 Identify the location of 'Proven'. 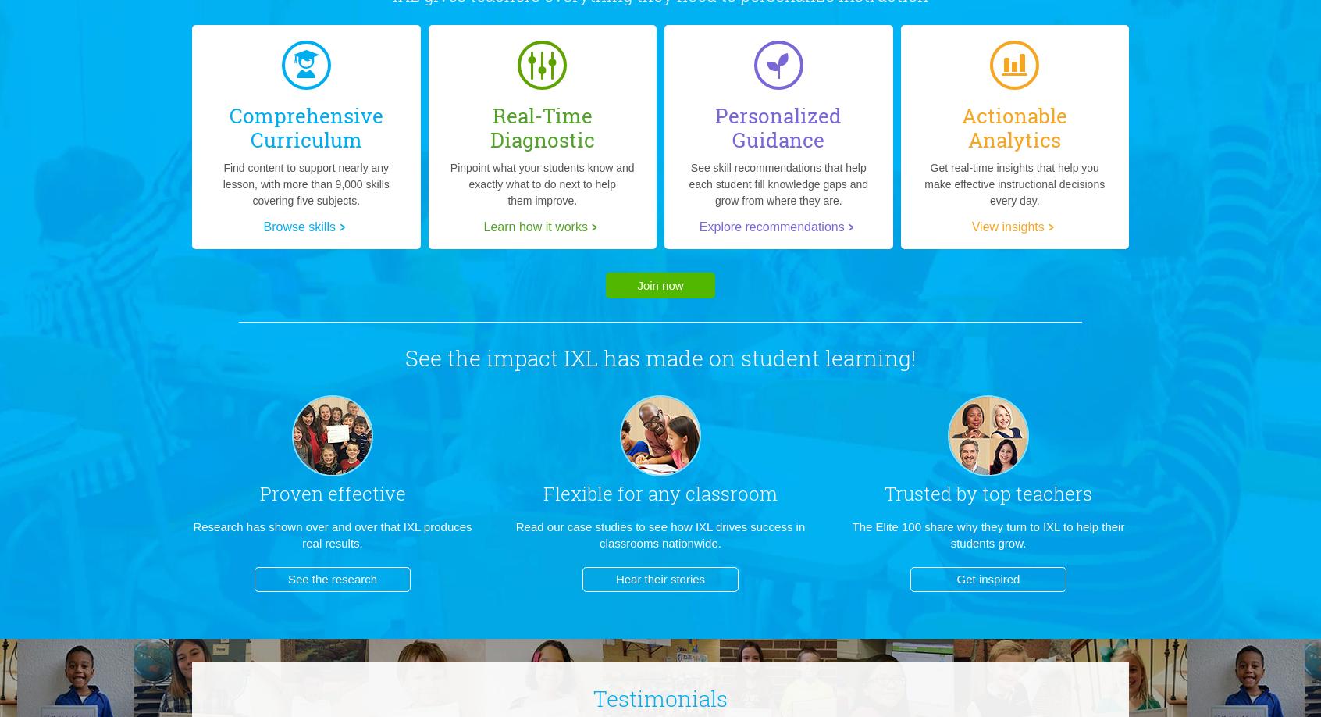
(290, 493).